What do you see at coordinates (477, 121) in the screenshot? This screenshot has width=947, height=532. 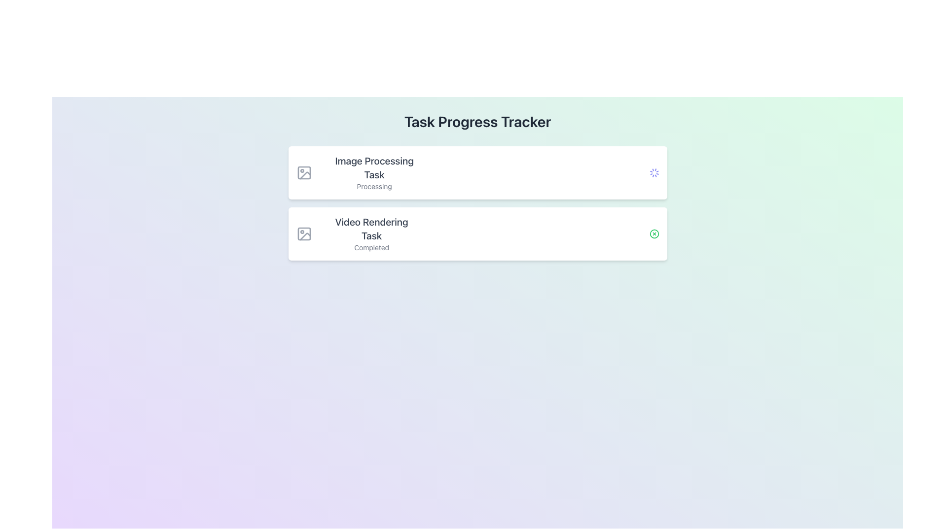 I see `text from the title or header label that displays the purpose of the page, which is to track task progress, located at the top center of the interface` at bounding box center [477, 121].